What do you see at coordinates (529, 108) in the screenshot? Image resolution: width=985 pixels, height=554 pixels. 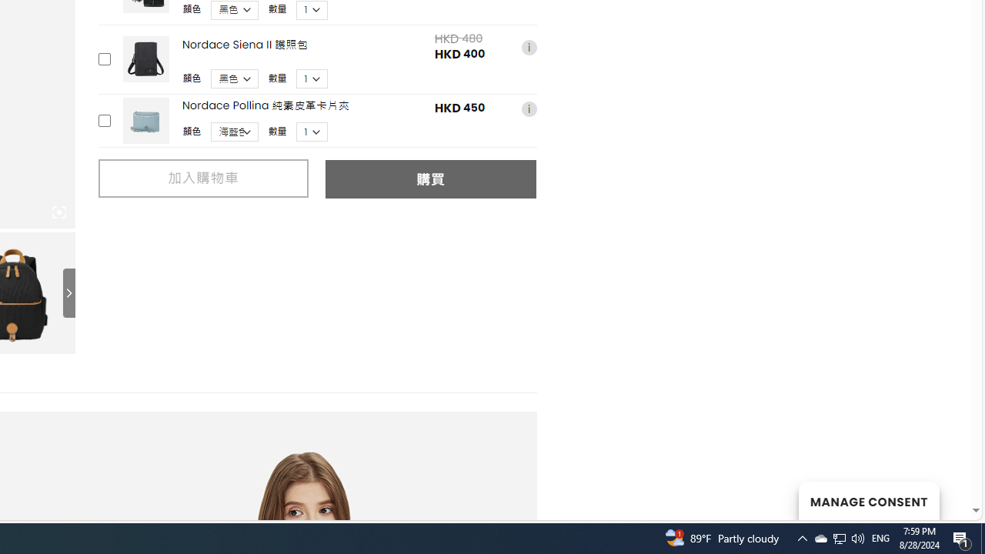 I see `'i'` at bounding box center [529, 108].